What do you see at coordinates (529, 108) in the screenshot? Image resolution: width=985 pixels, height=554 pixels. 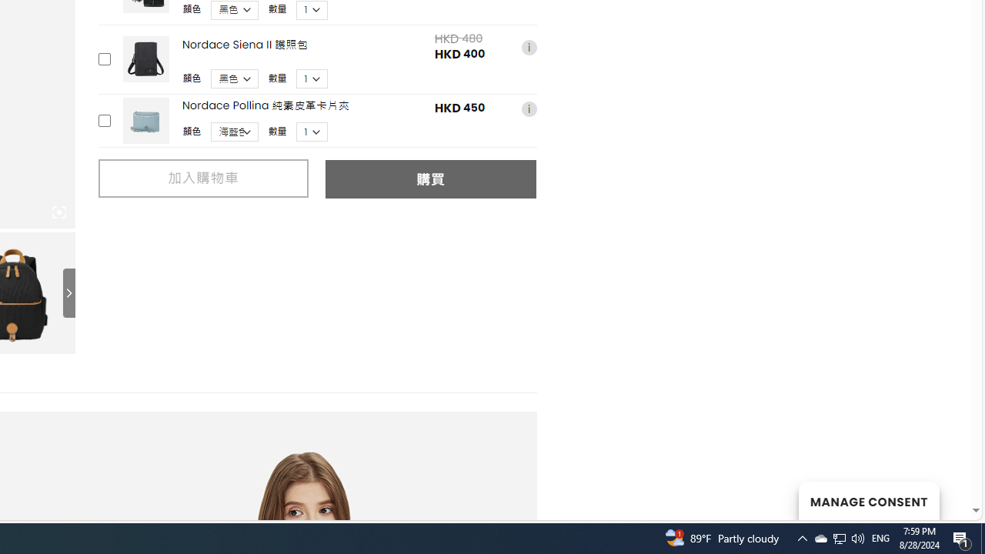 I see `'i'` at bounding box center [529, 108].